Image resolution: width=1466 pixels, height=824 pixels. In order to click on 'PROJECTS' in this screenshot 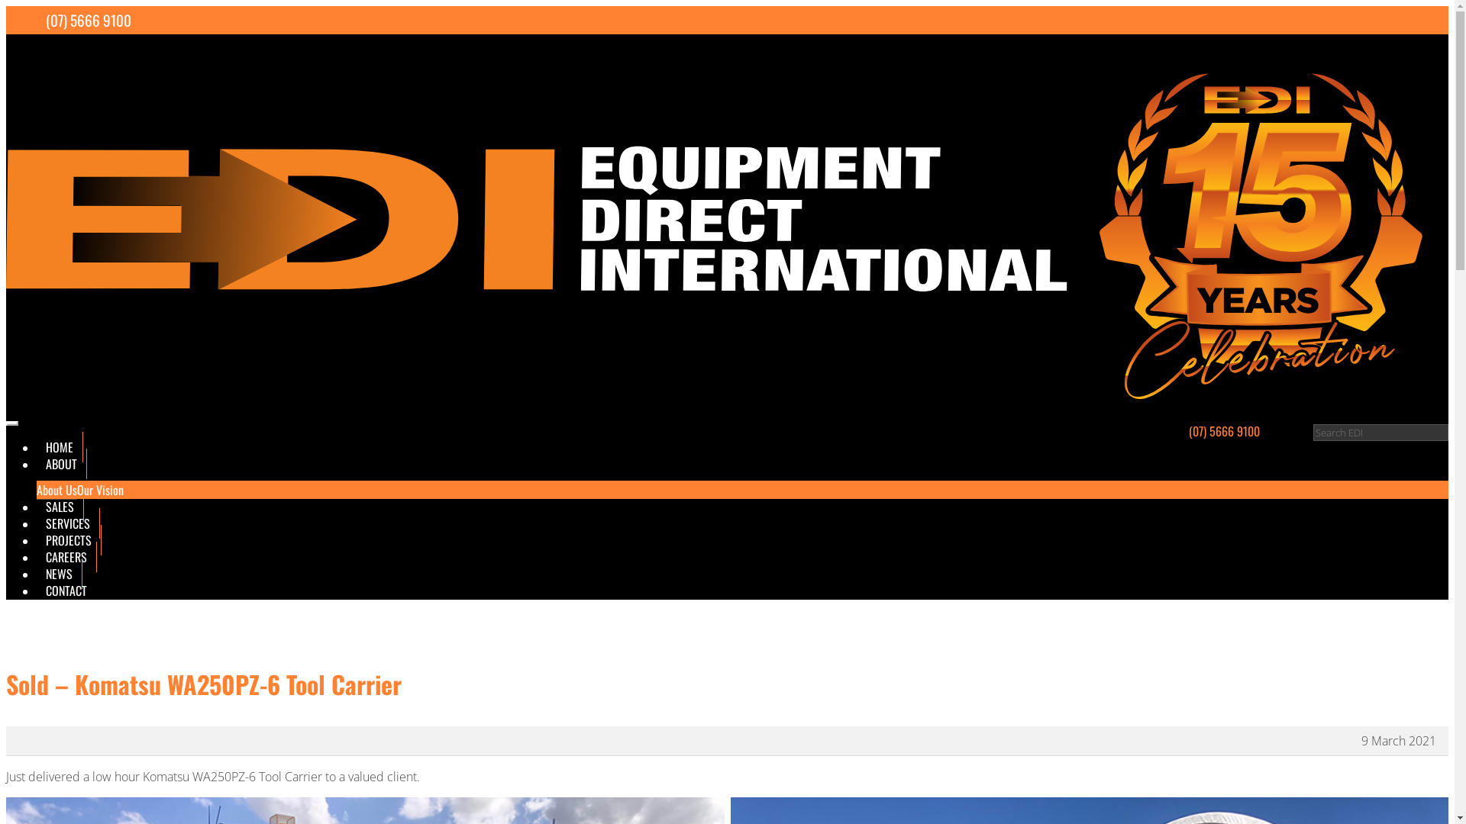, I will do `click(37, 539)`.